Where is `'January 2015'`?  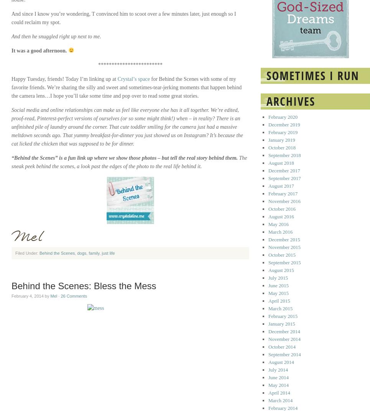
'January 2015' is located at coordinates (281, 323).